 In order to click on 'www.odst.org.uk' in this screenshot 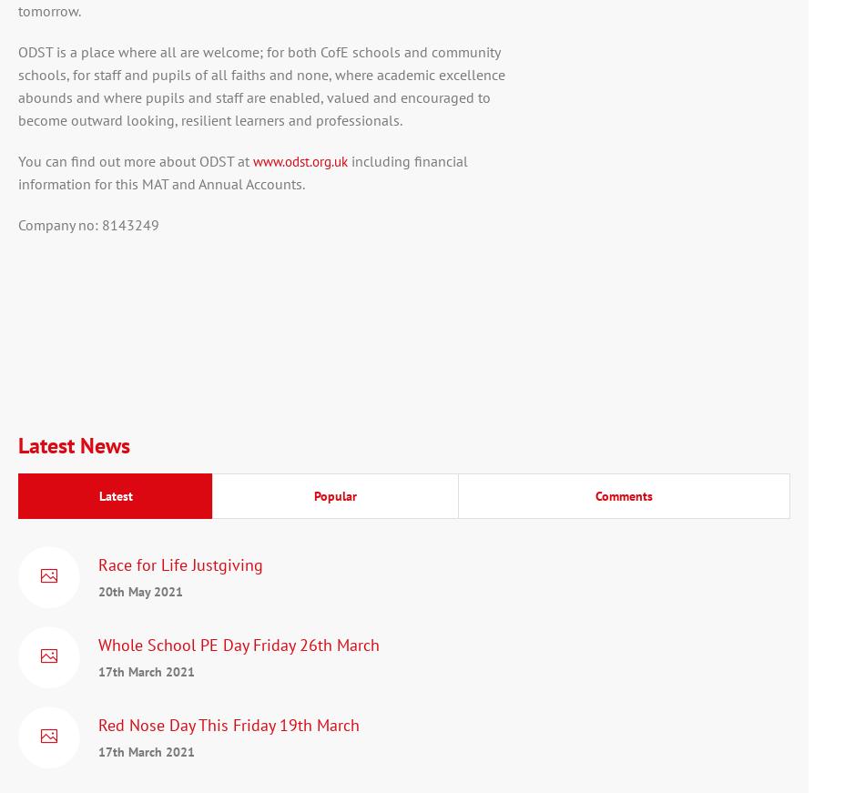, I will do `click(251, 161)`.